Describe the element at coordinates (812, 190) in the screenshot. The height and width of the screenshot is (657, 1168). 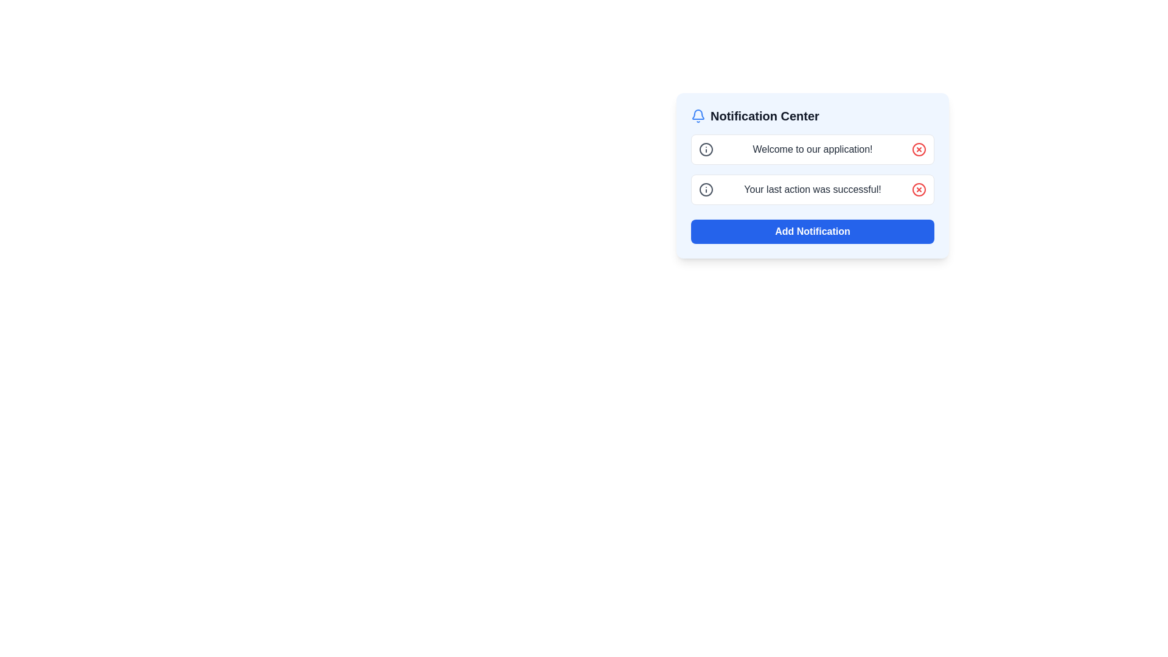
I see `the second notification card in the Notification Center that indicates the success of the user's last action` at that location.